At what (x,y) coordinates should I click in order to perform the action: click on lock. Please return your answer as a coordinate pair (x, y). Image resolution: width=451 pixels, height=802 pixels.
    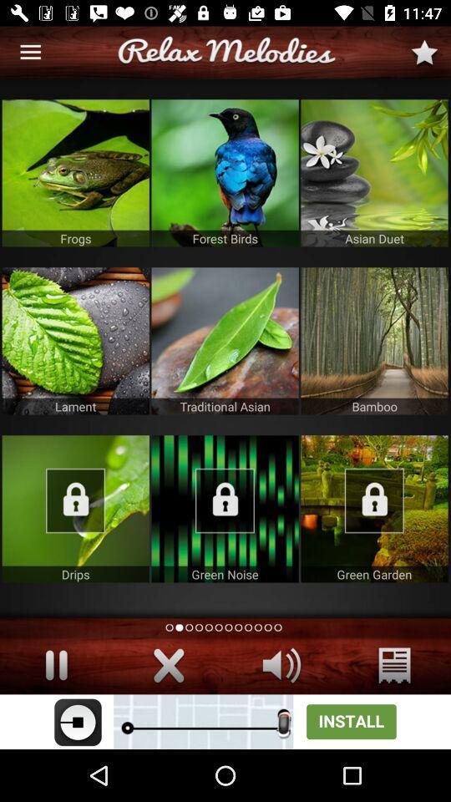
    Looking at the image, I should click on (225, 508).